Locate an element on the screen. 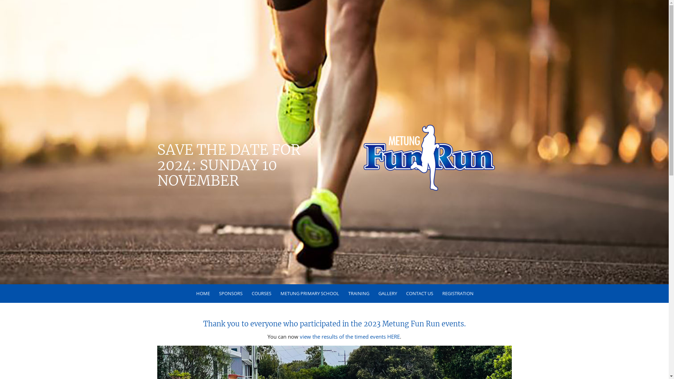  'TRAINING' is located at coordinates (358, 293).